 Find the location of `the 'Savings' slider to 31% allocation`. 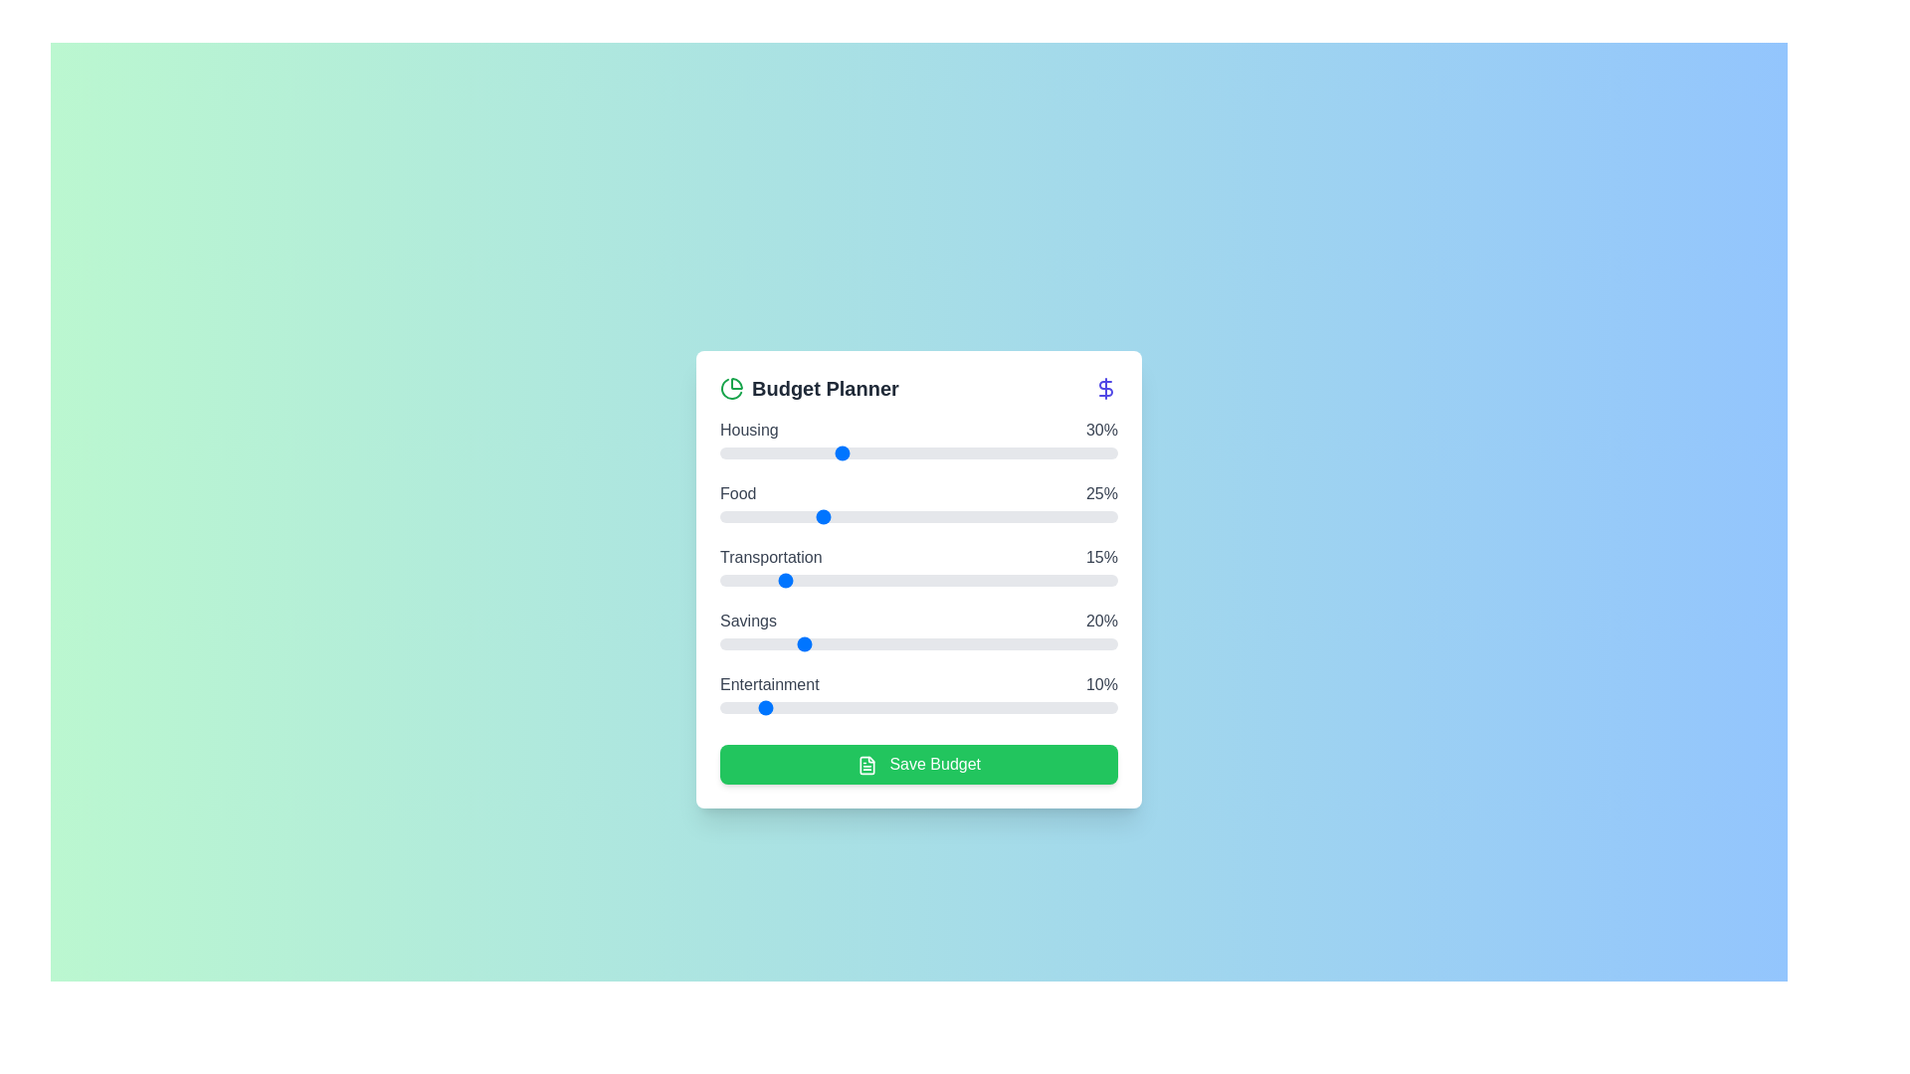

the 'Savings' slider to 31% allocation is located at coordinates (844, 644).